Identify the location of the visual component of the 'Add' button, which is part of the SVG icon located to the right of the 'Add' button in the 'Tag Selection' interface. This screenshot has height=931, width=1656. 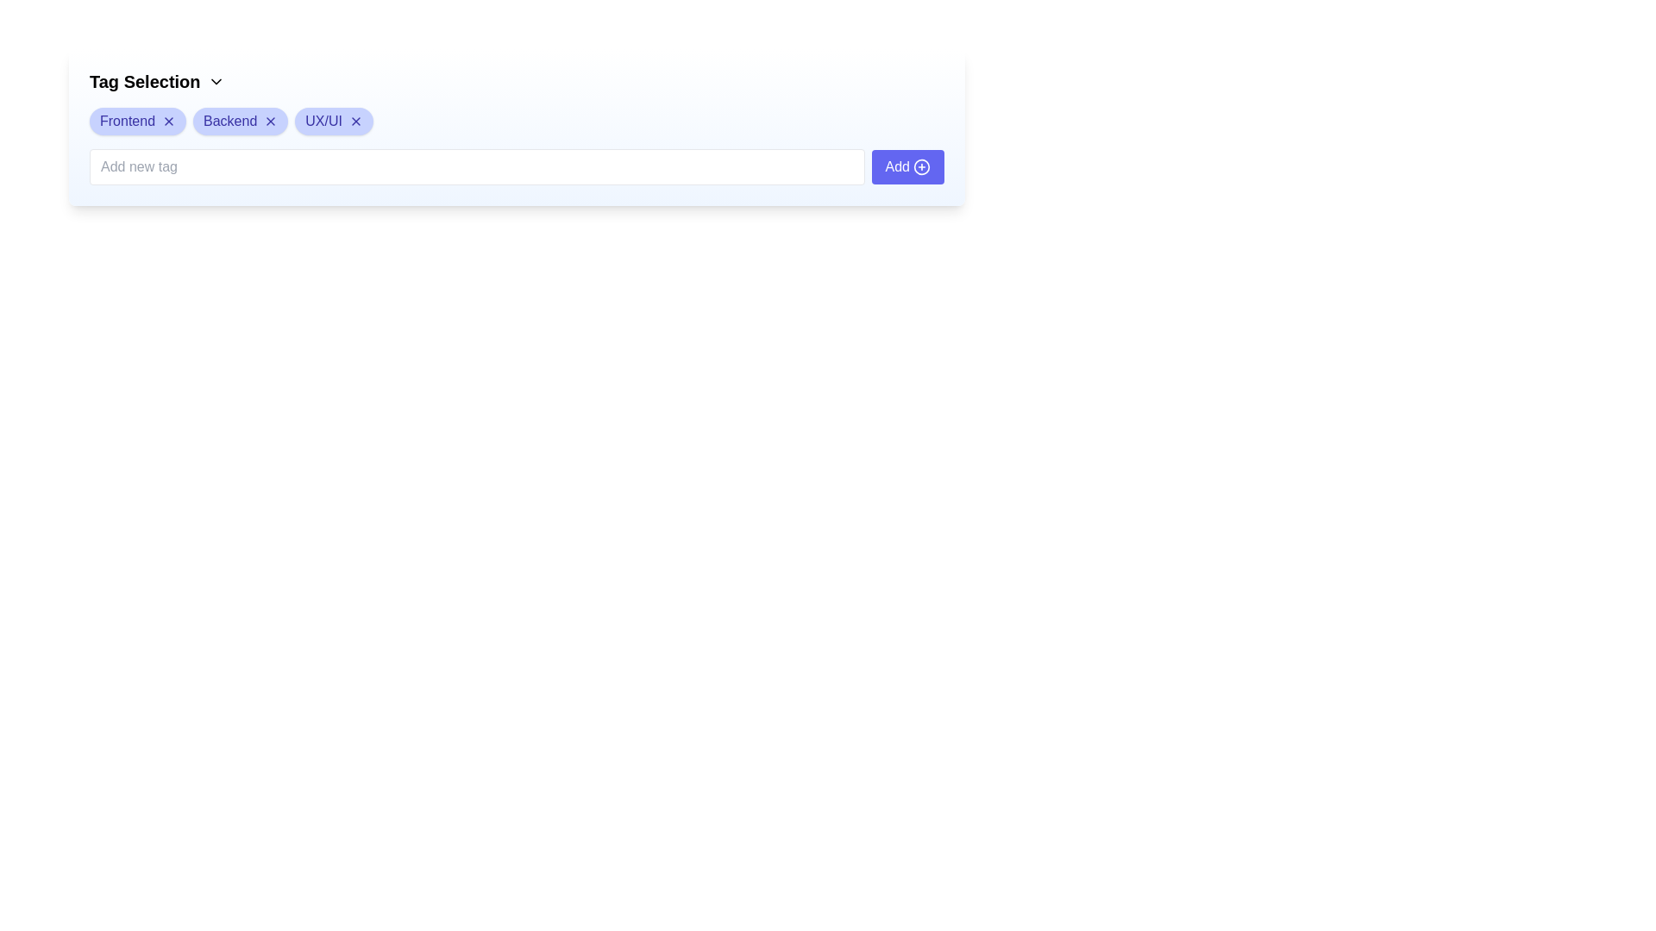
(921, 166).